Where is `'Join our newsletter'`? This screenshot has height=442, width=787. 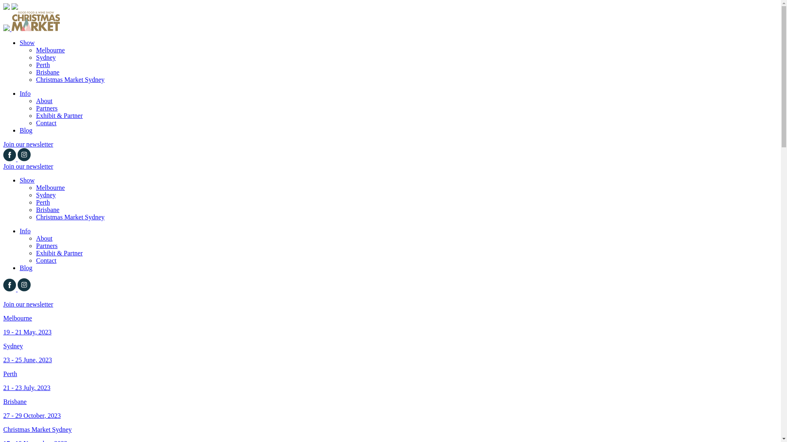
'Join our newsletter' is located at coordinates (28, 144).